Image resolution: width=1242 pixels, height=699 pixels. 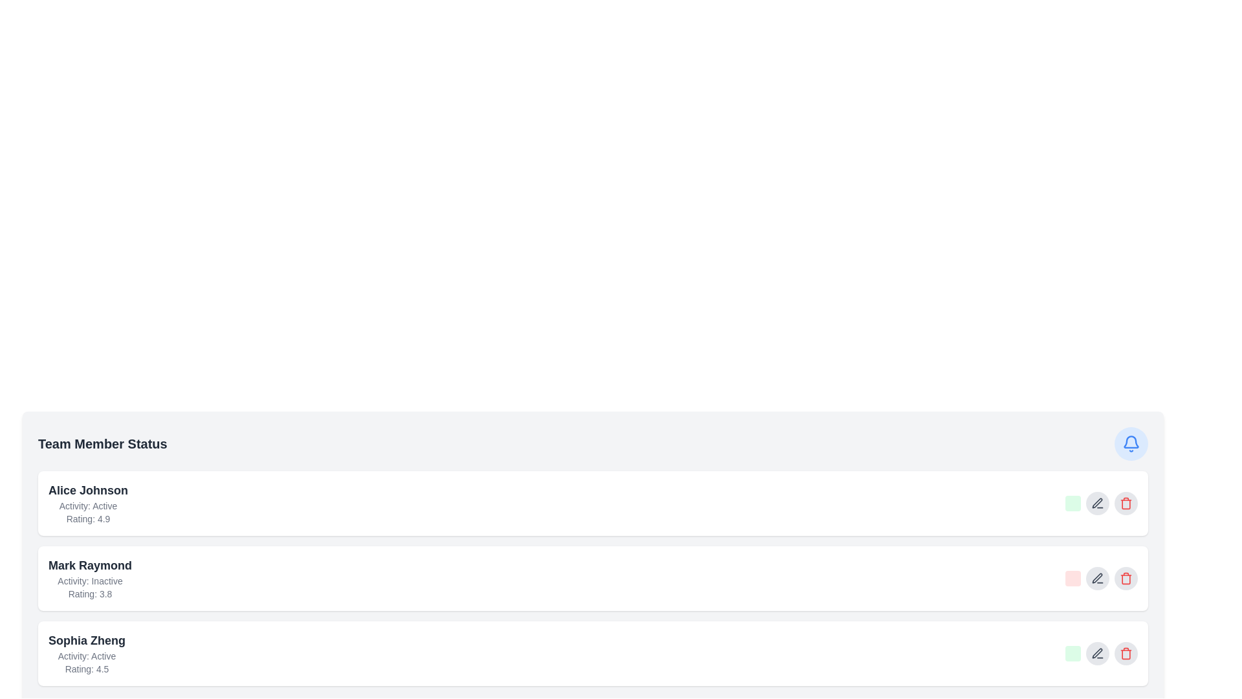 I want to click on the trash bin icon button styled in red, which indicates a delete action and is located on the right side of the row displaying user information for 'Alice Johnson', so click(x=1126, y=503).